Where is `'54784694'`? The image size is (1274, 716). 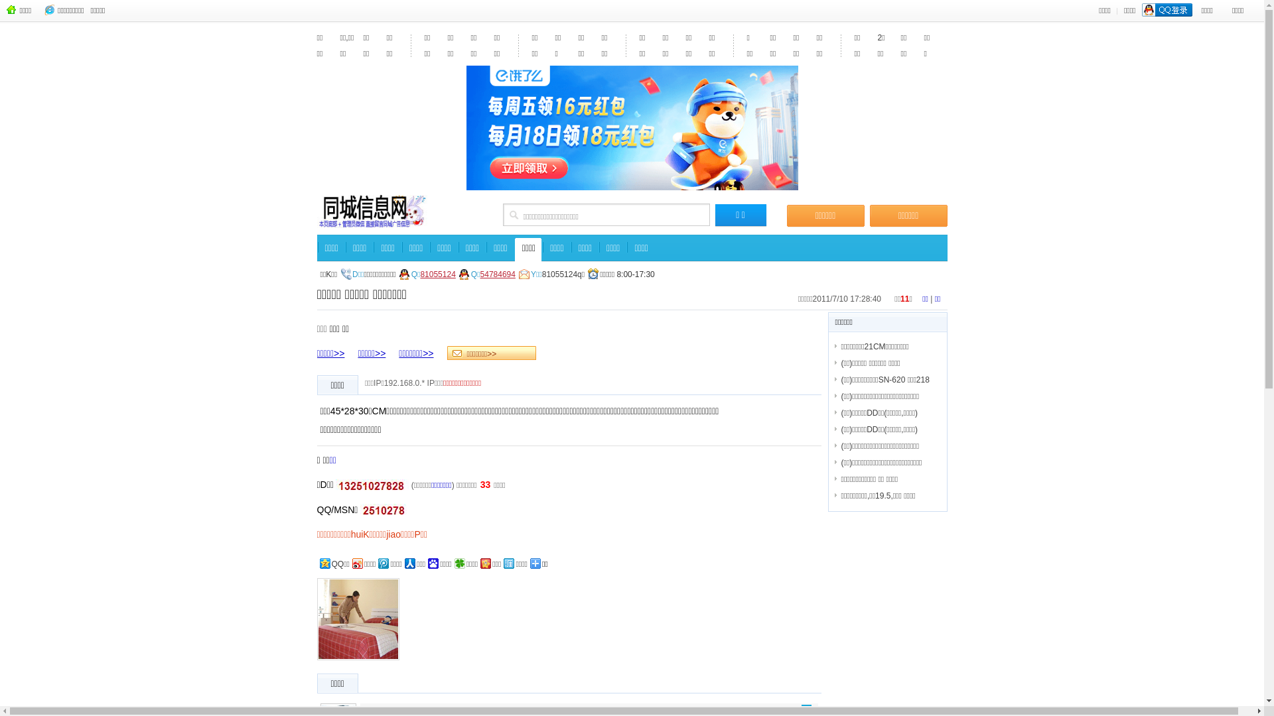
'54784694' is located at coordinates (480, 273).